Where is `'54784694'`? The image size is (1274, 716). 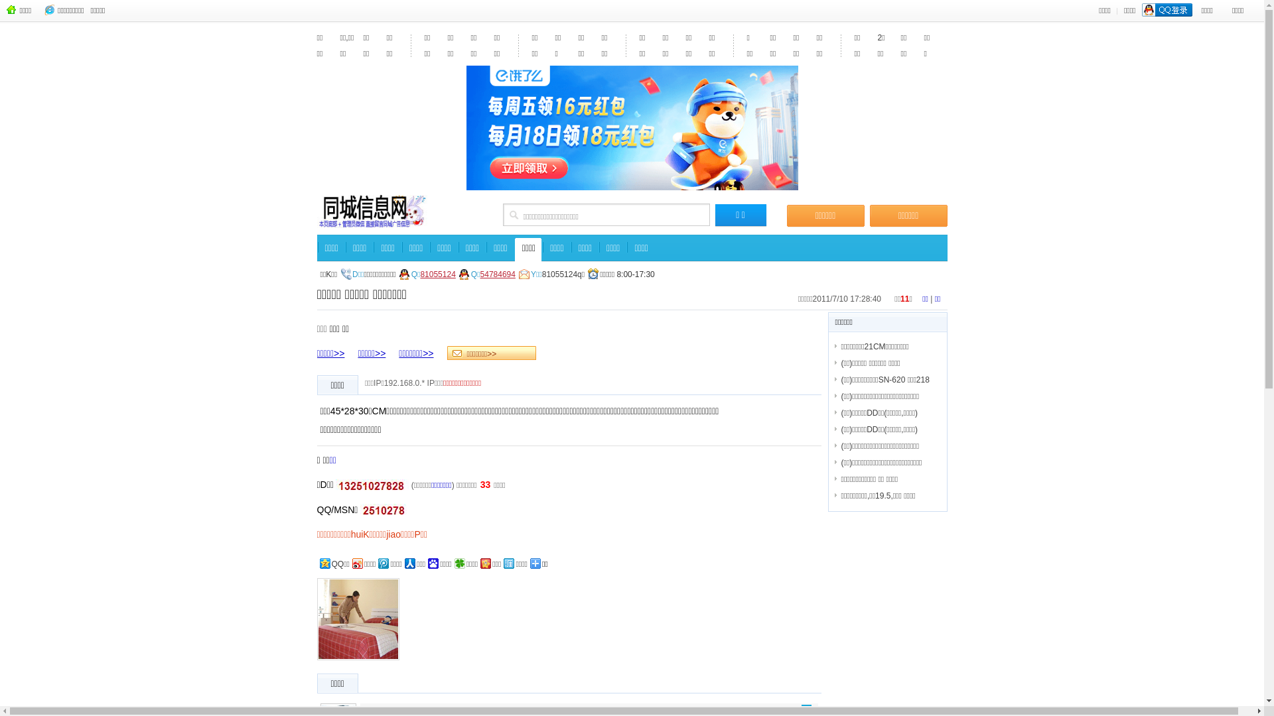
'54784694' is located at coordinates (480, 273).